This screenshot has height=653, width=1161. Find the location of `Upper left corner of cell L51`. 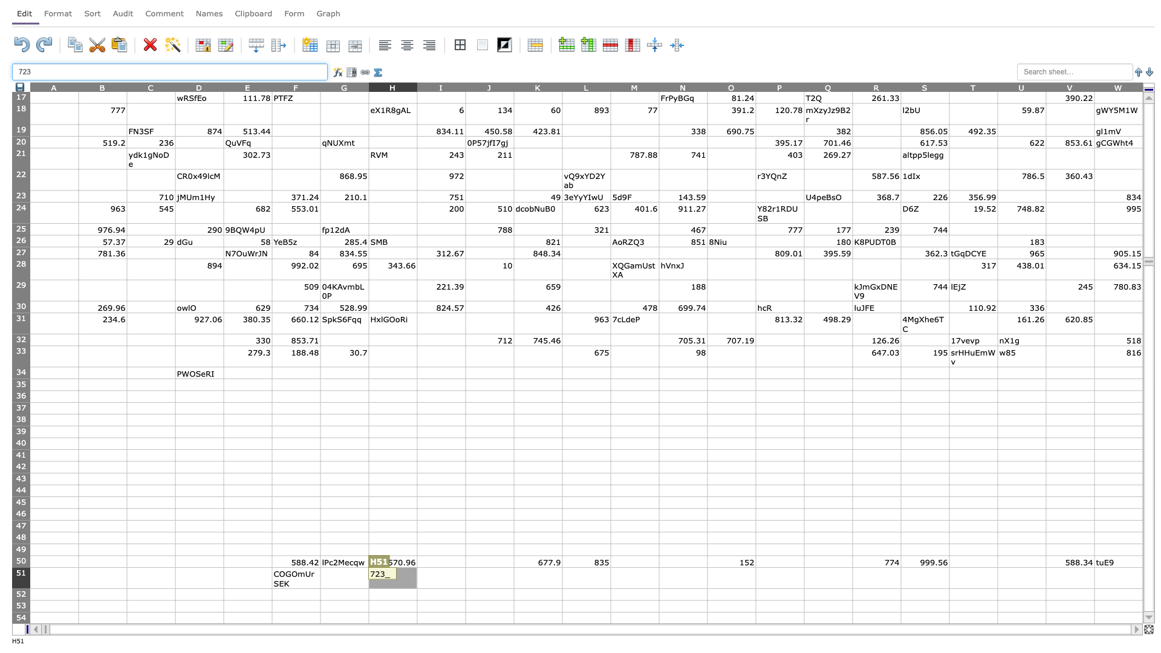

Upper left corner of cell L51 is located at coordinates (562, 567).